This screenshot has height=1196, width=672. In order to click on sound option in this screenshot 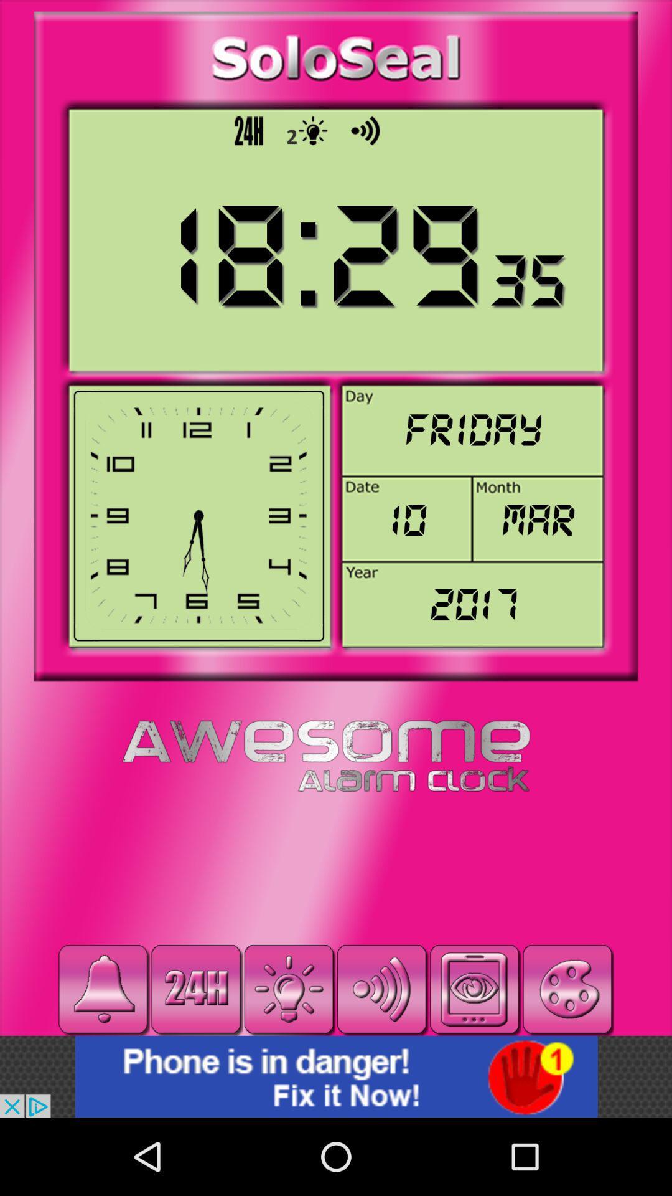, I will do `click(381, 989)`.